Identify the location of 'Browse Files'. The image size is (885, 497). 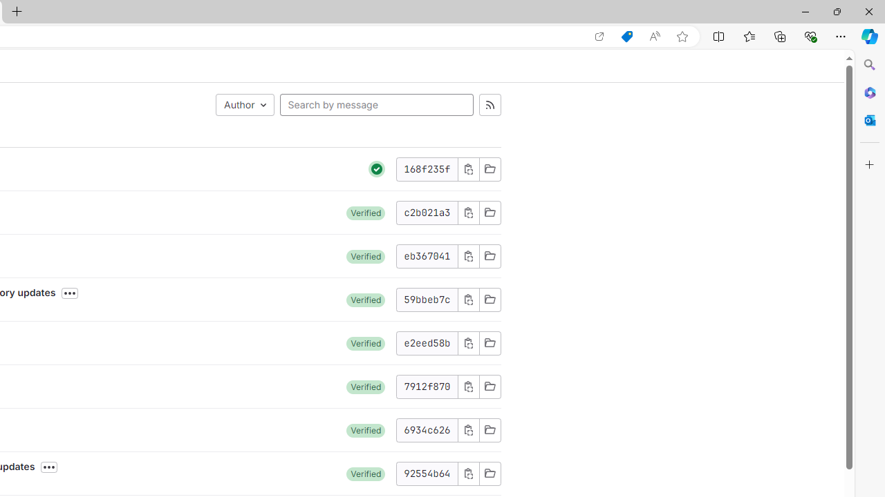
(490, 473).